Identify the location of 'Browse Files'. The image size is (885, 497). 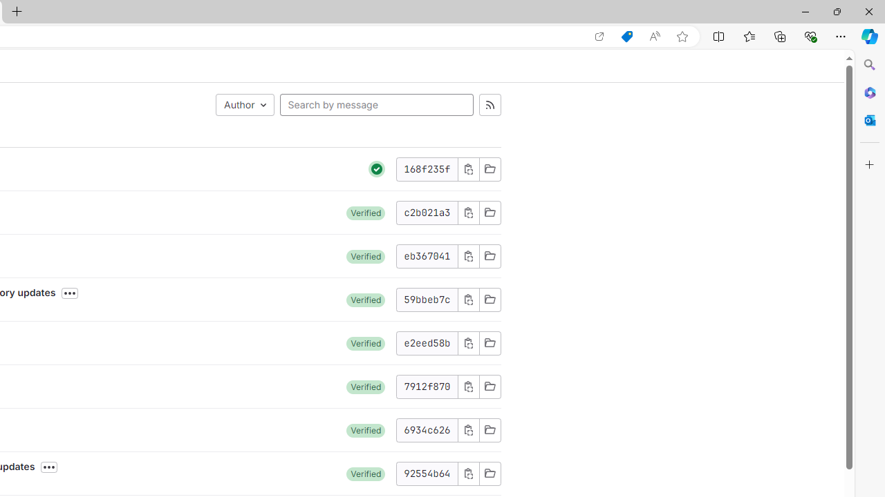
(490, 473).